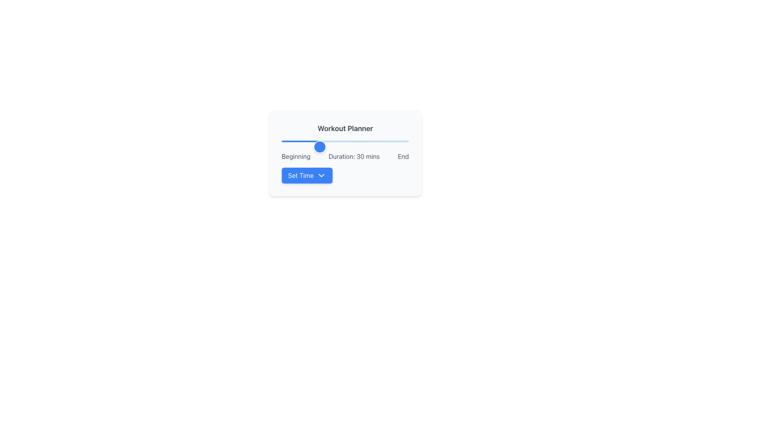  I want to click on the content of the text label displaying the selected duration of an action or event, which is positioned between the texts 'Beginning' and 'End', so click(354, 156).